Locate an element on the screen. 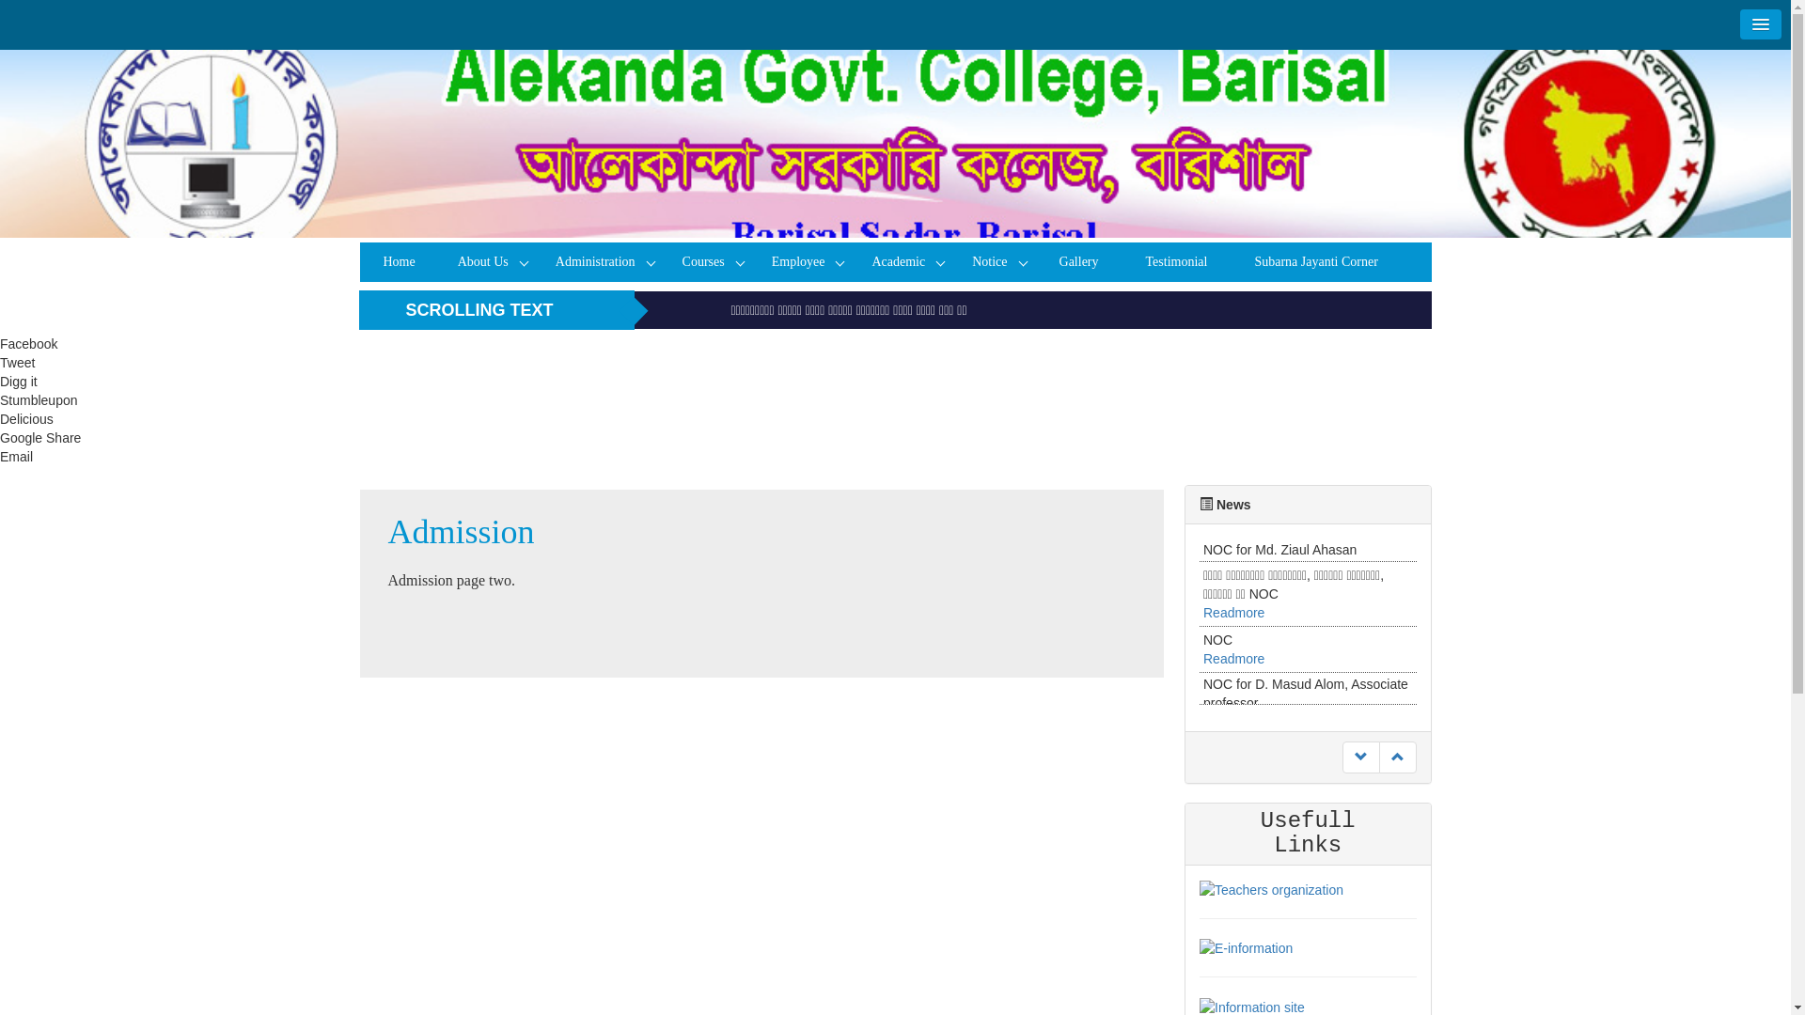 This screenshot has height=1015, width=1805. 'Administration' is located at coordinates (536, 261).